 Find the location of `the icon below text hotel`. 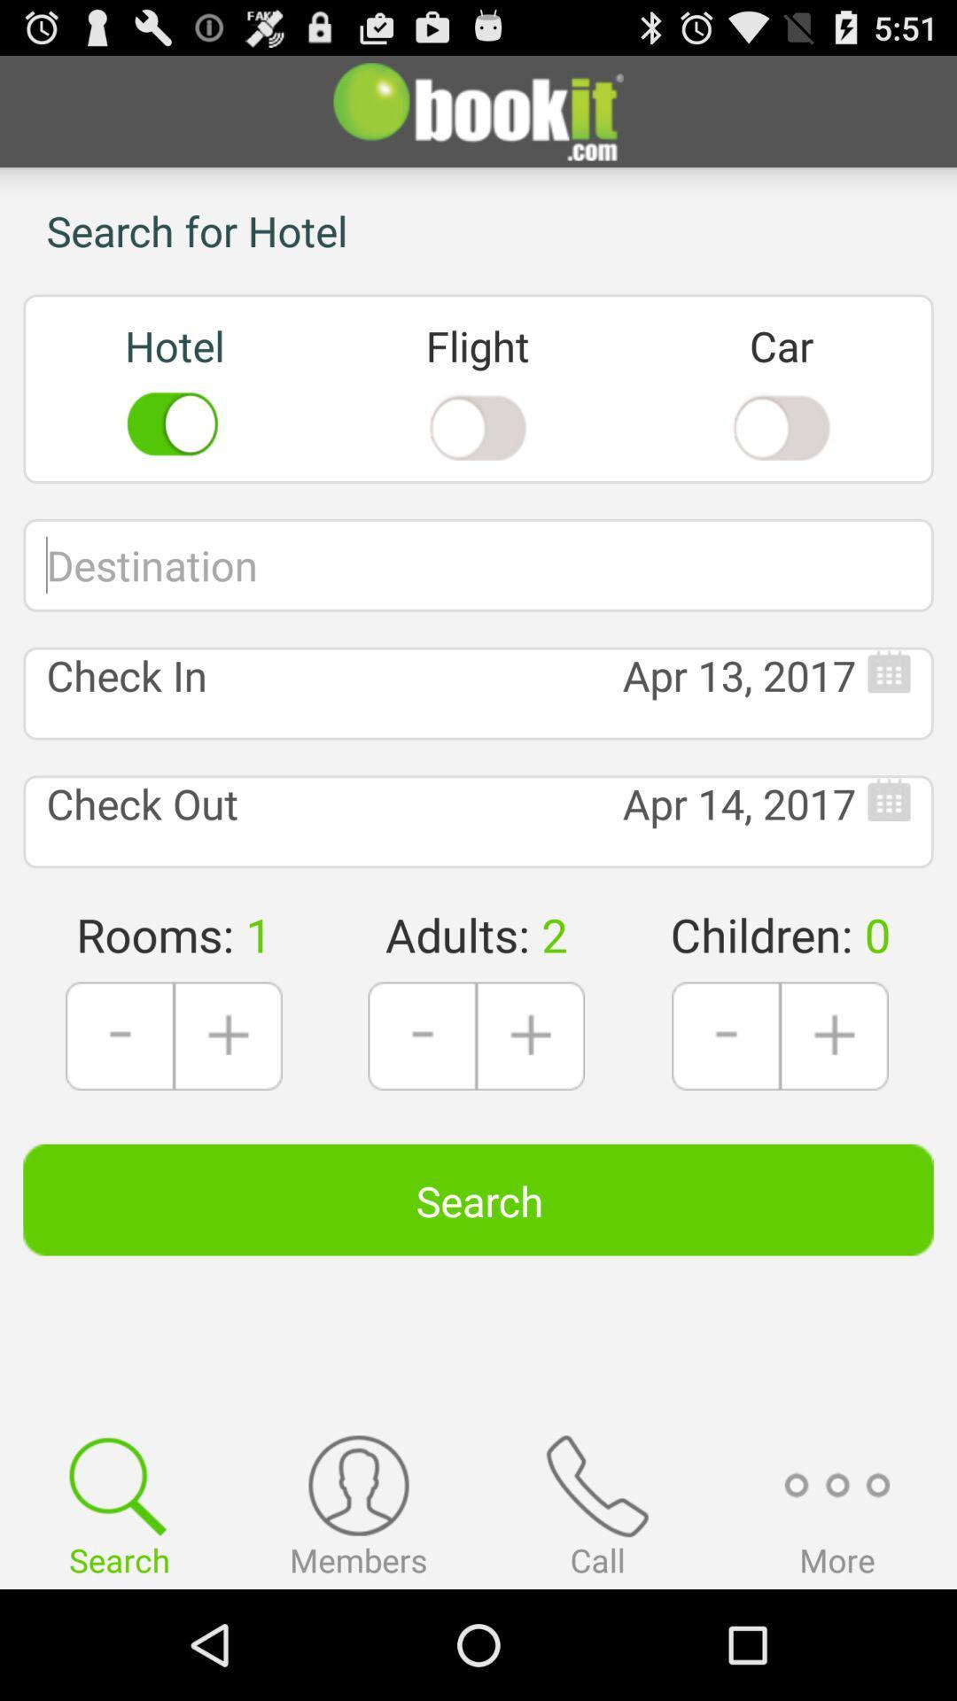

the icon below text hotel is located at coordinates (174, 425).